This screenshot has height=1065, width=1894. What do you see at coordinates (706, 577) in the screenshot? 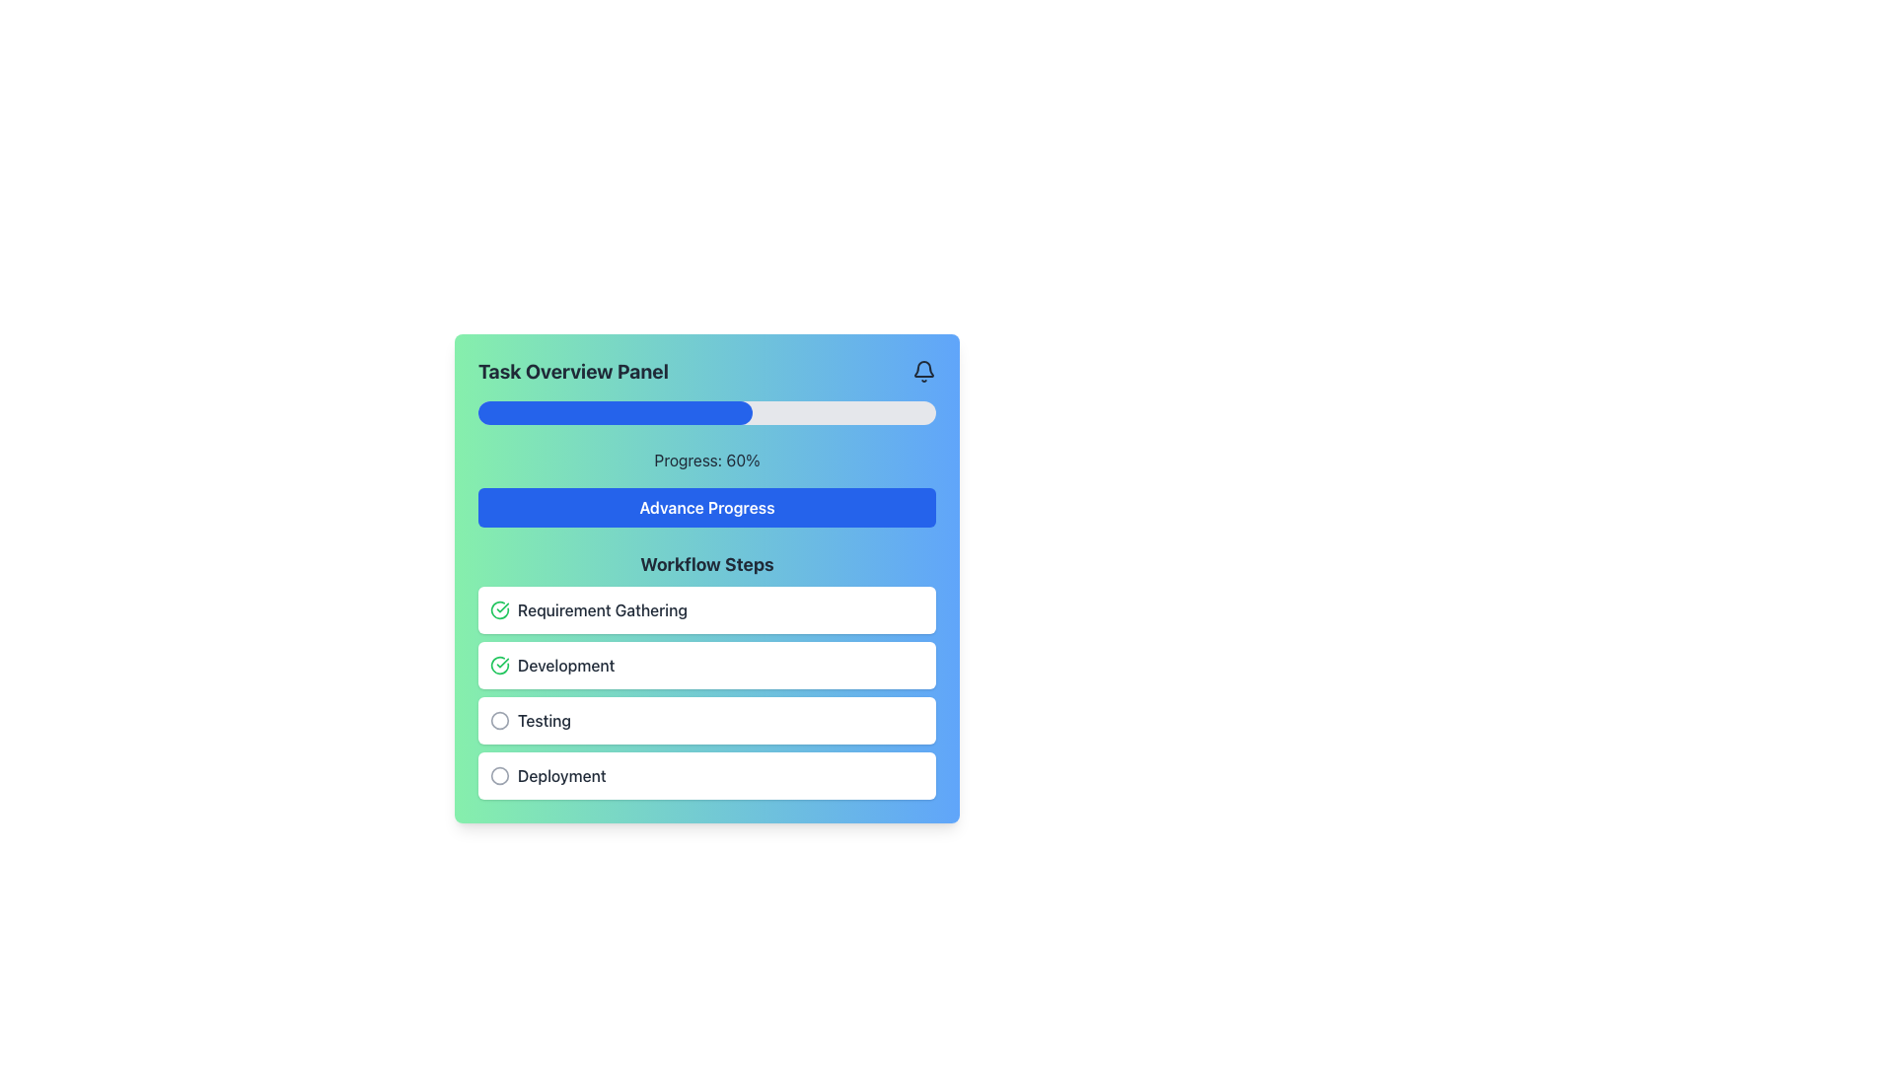
I see `the 'Workflow Steps' section of the Task Overview Panel` at bounding box center [706, 577].